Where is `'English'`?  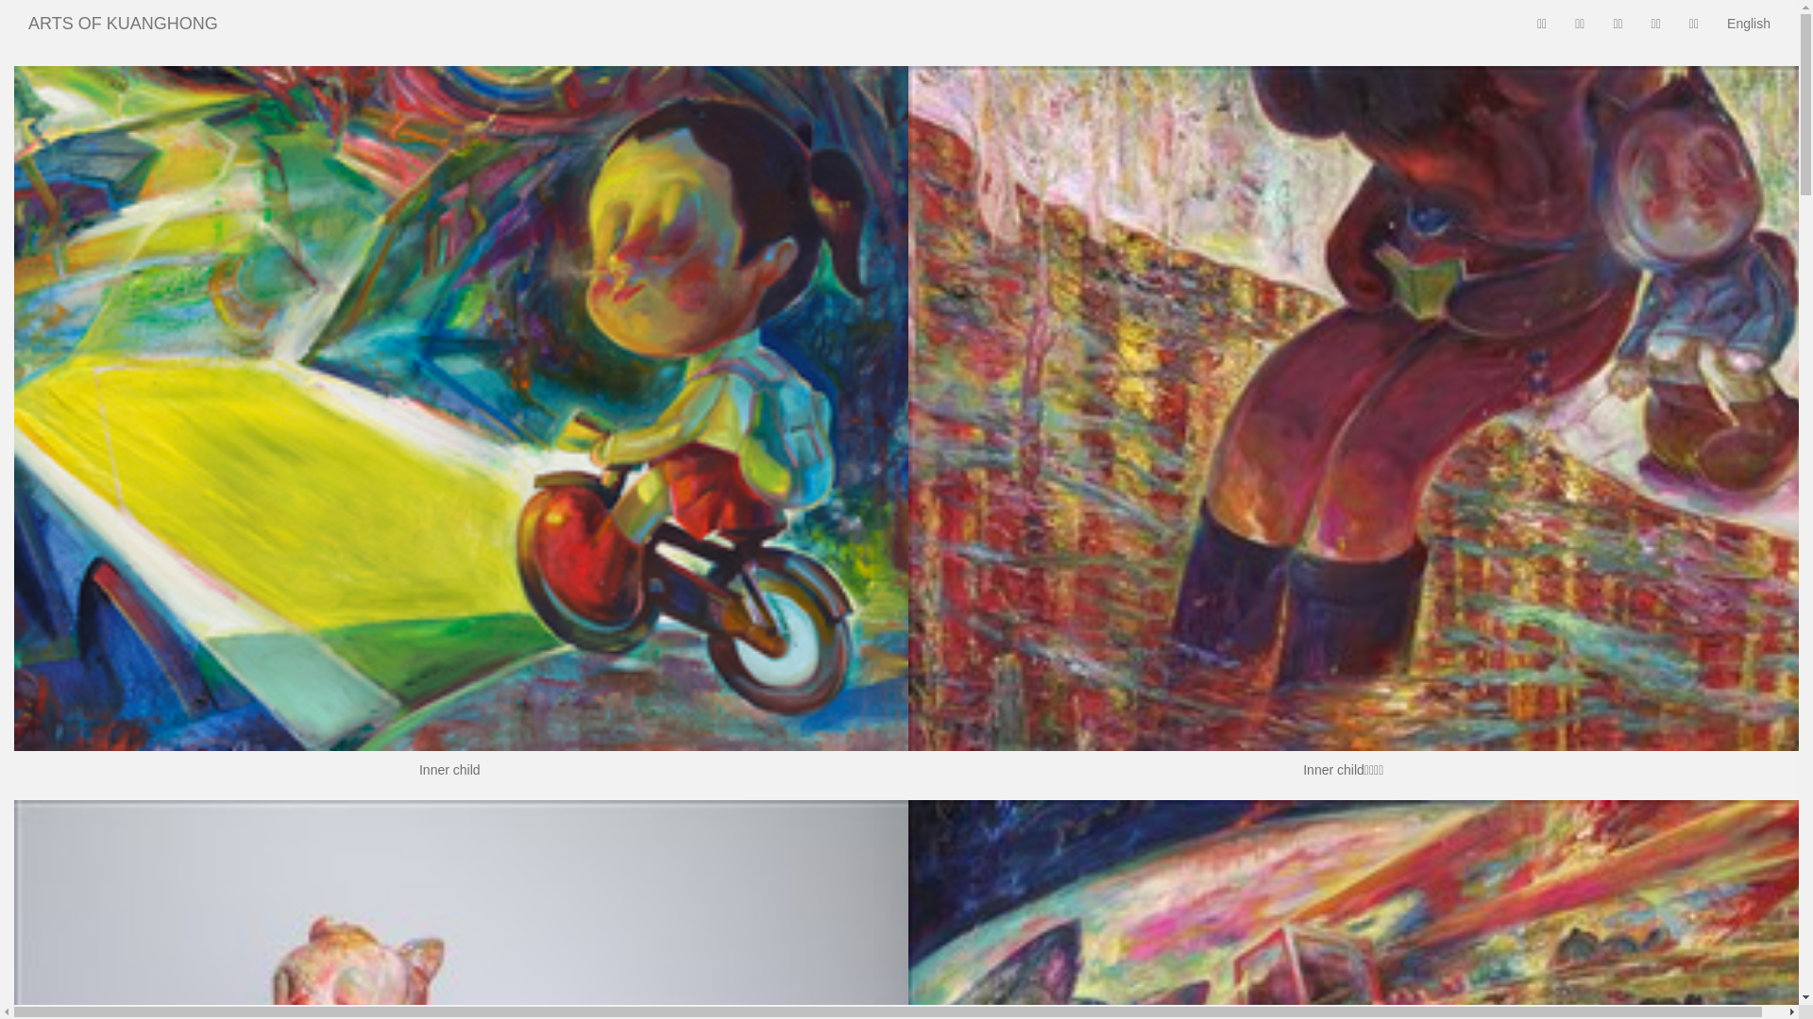
'English' is located at coordinates (1748, 23).